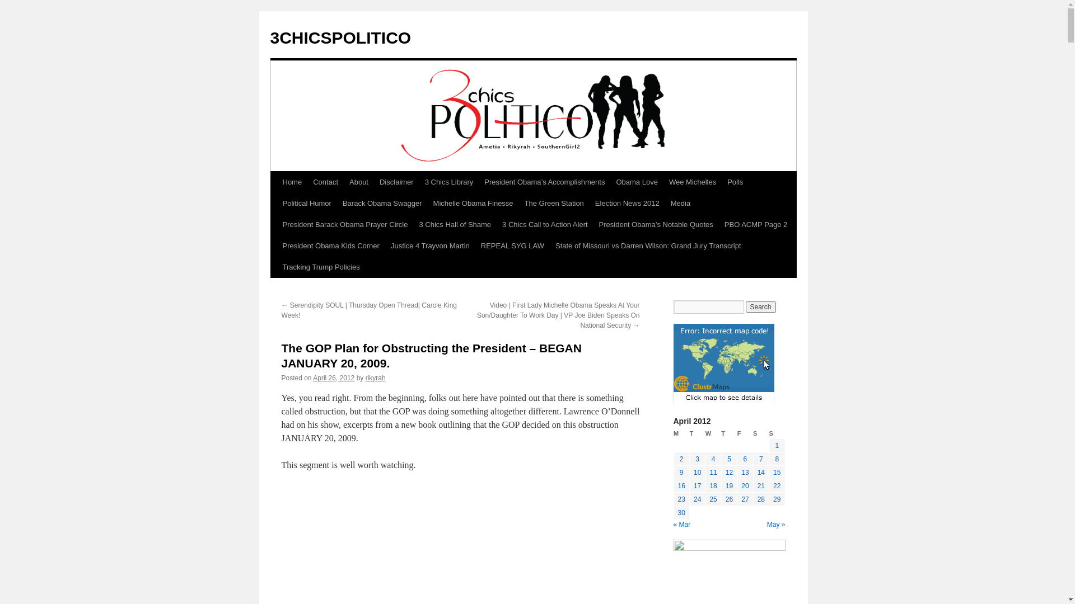  I want to click on '17', so click(697, 485).